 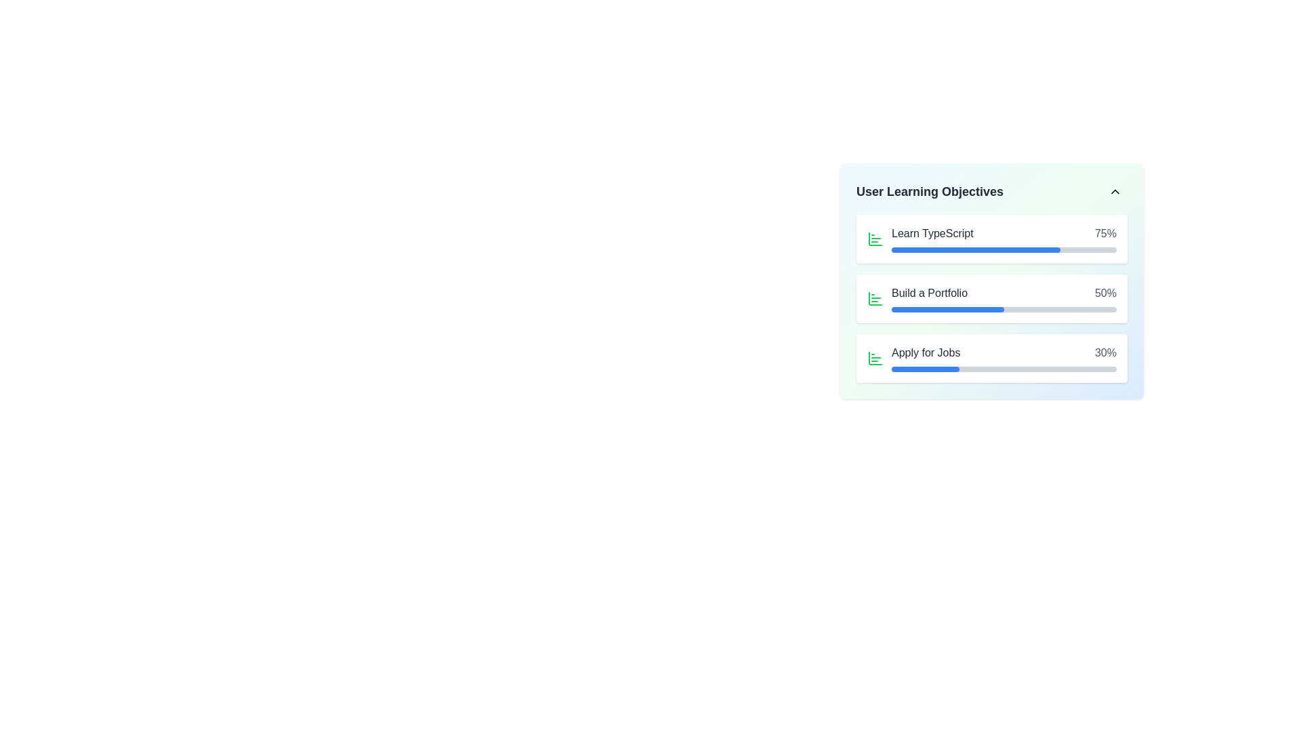 I want to click on the progress tracker for the task 'Apply for Jobs', so click(x=1004, y=357).